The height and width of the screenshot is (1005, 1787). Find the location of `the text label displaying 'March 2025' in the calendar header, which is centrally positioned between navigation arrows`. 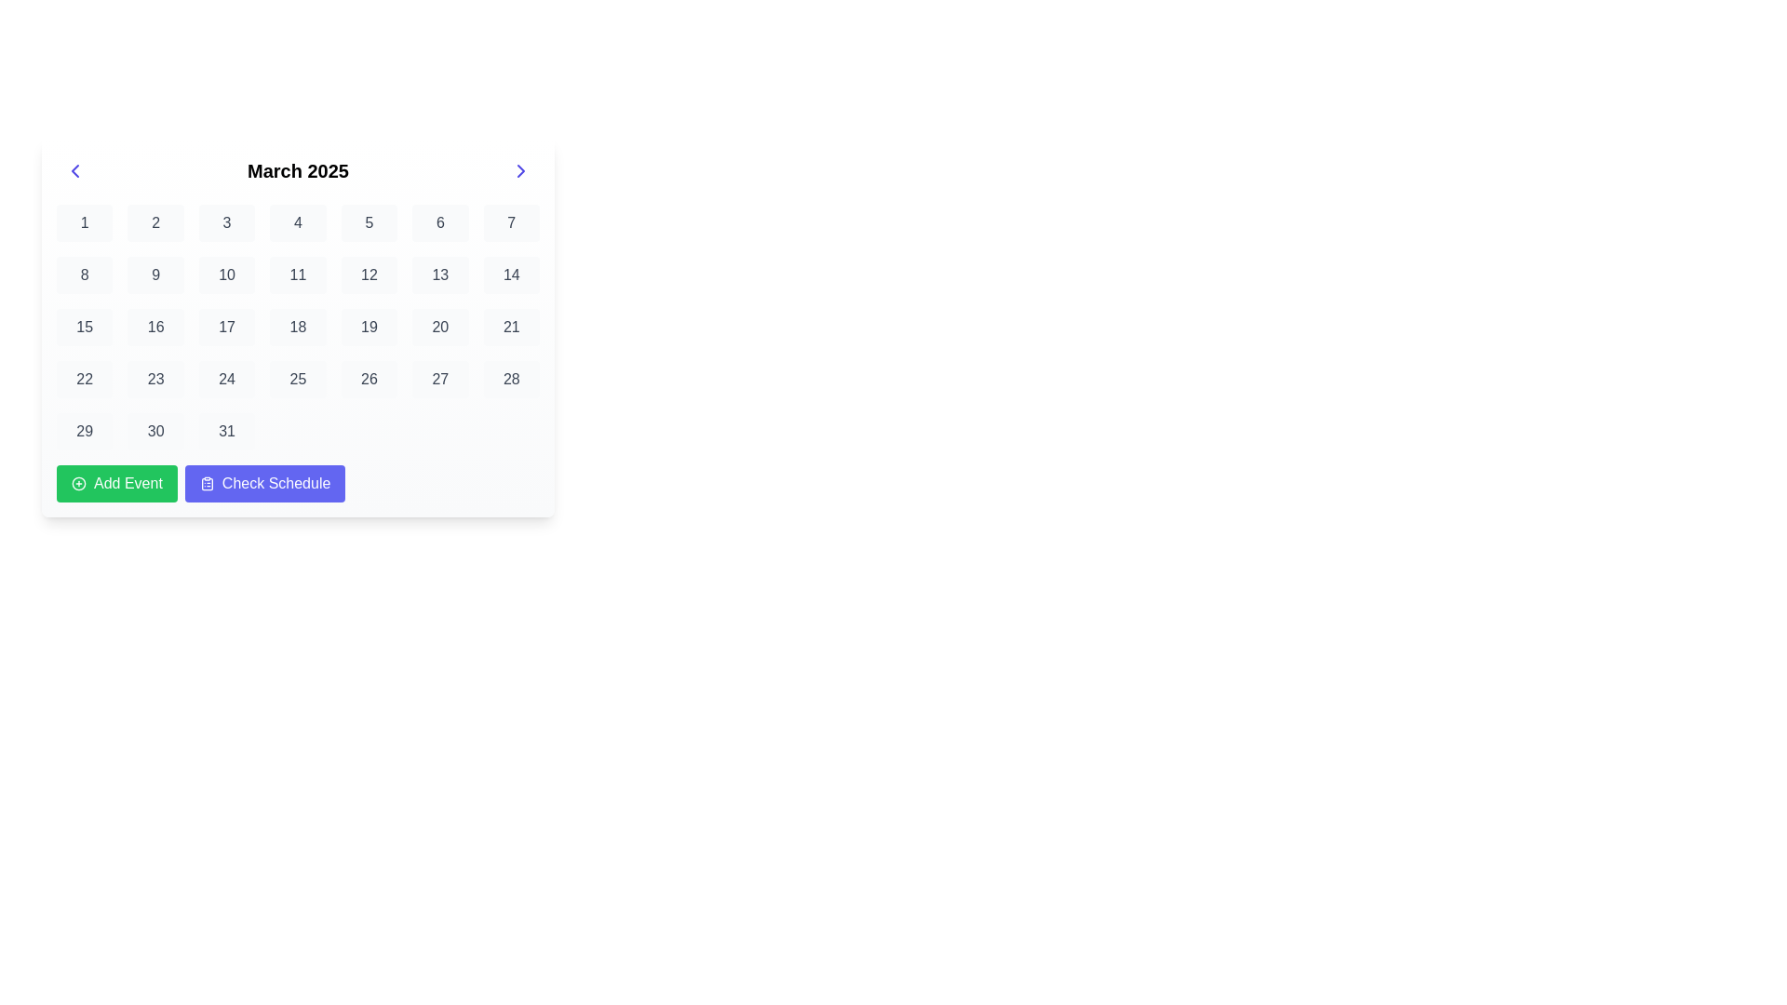

the text label displaying 'March 2025' in the calendar header, which is centrally positioned between navigation arrows is located at coordinates (298, 171).